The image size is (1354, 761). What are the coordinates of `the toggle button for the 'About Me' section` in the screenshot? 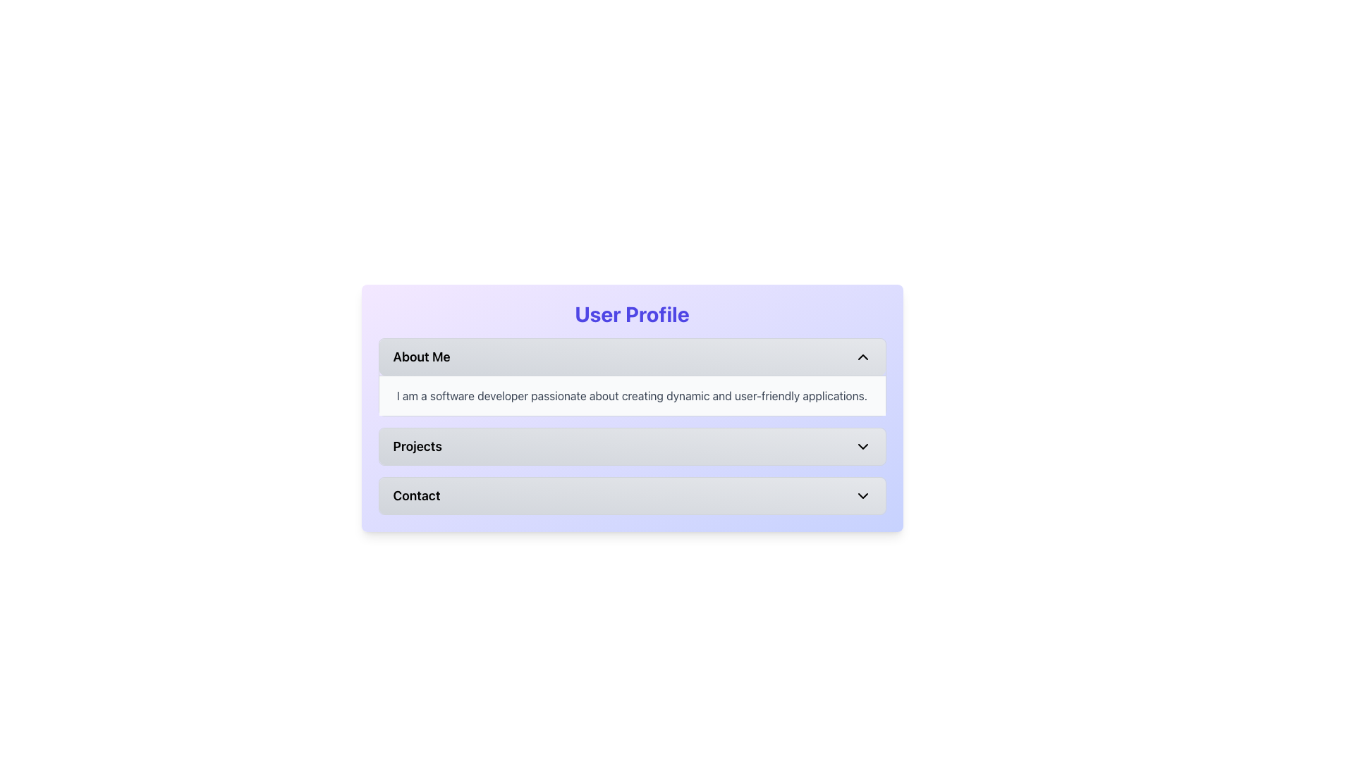 It's located at (631, 356).